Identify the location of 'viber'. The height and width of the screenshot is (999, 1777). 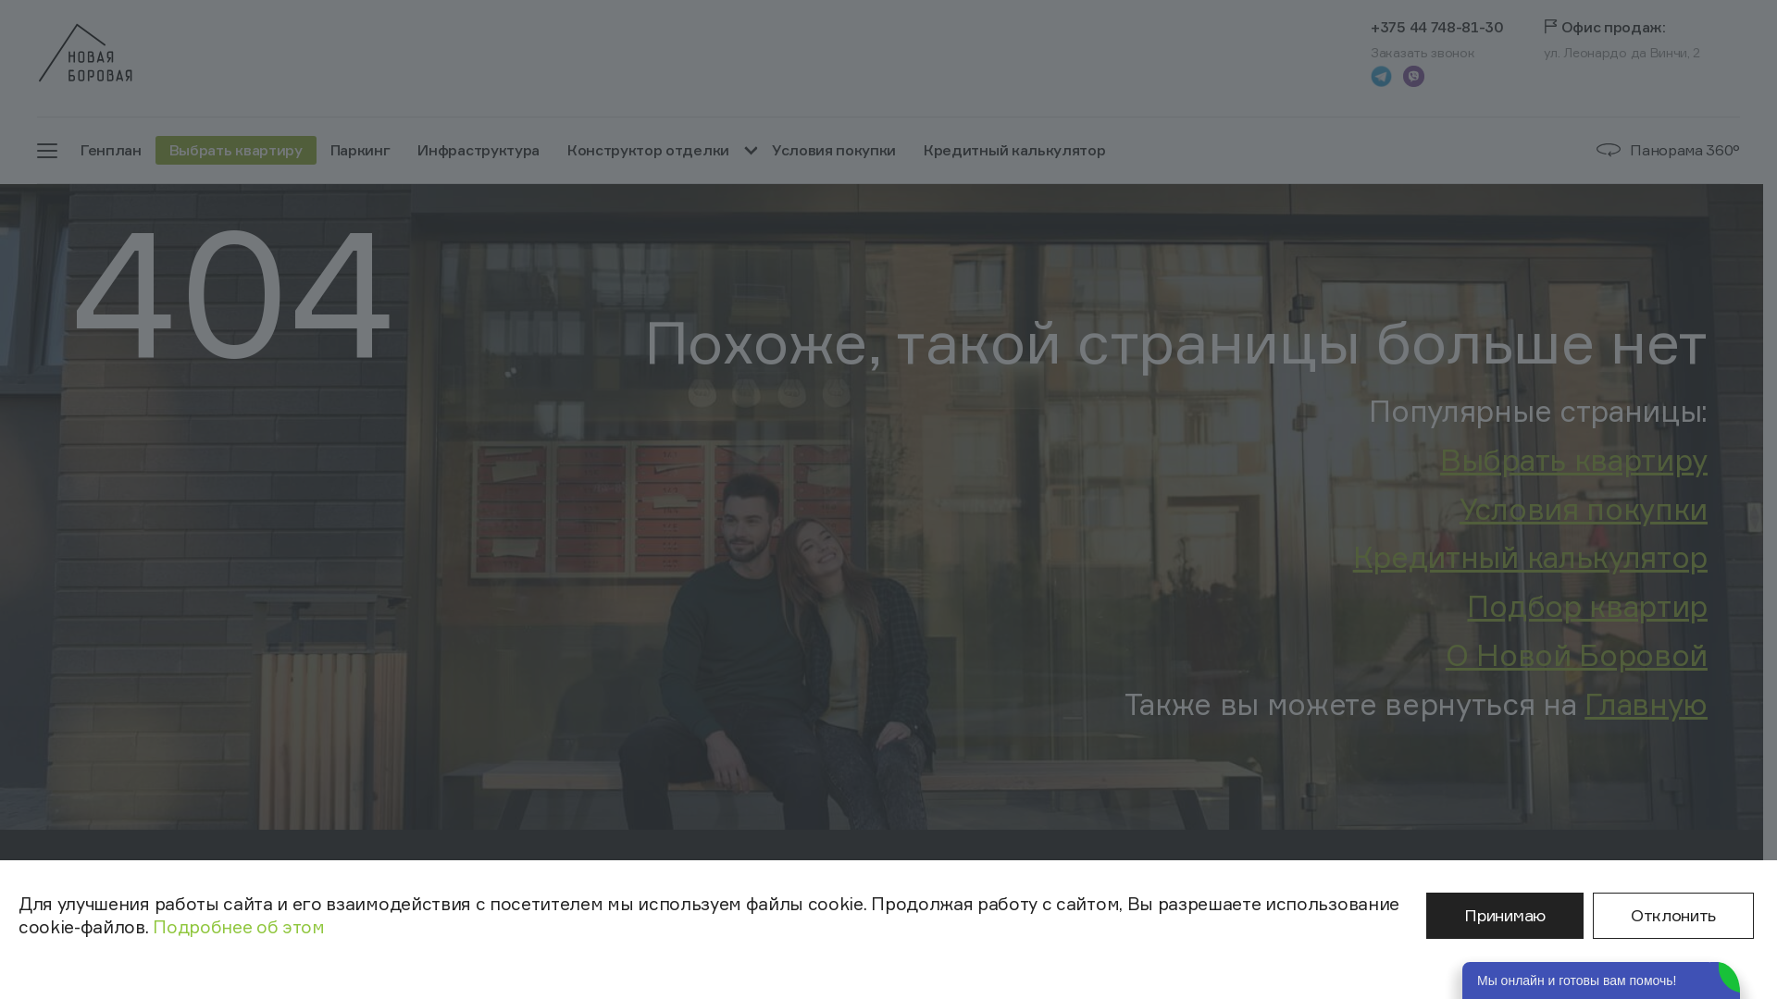
(1403, 75).